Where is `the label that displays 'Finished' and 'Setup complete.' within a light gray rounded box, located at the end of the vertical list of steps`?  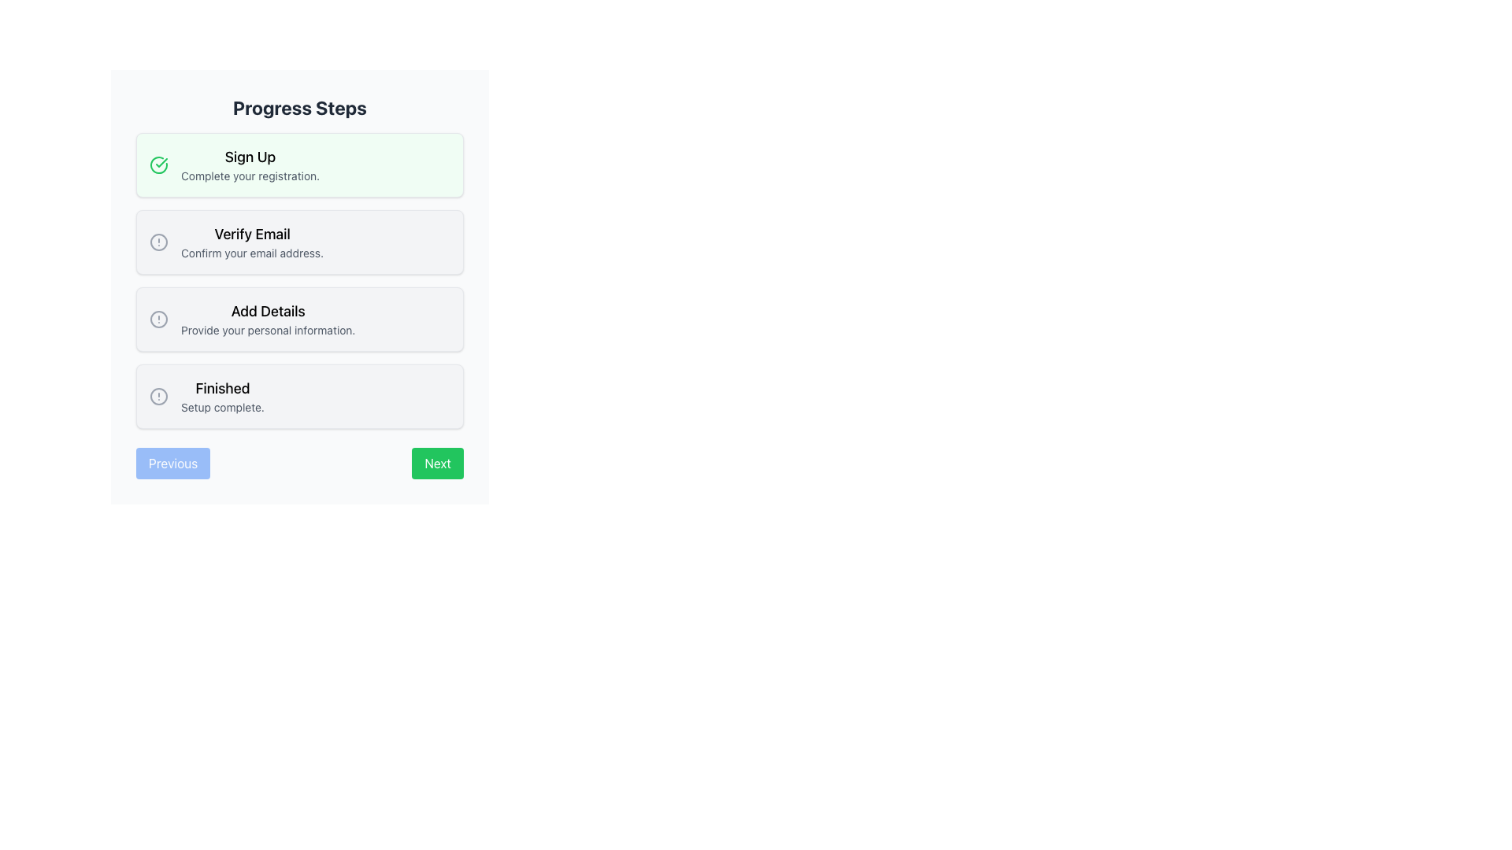
the label that displays 'Finished' and 'Setup complete.' within a light gray rounded box, located at the end of the vertical list of steps is located at coordinates (222, 396).